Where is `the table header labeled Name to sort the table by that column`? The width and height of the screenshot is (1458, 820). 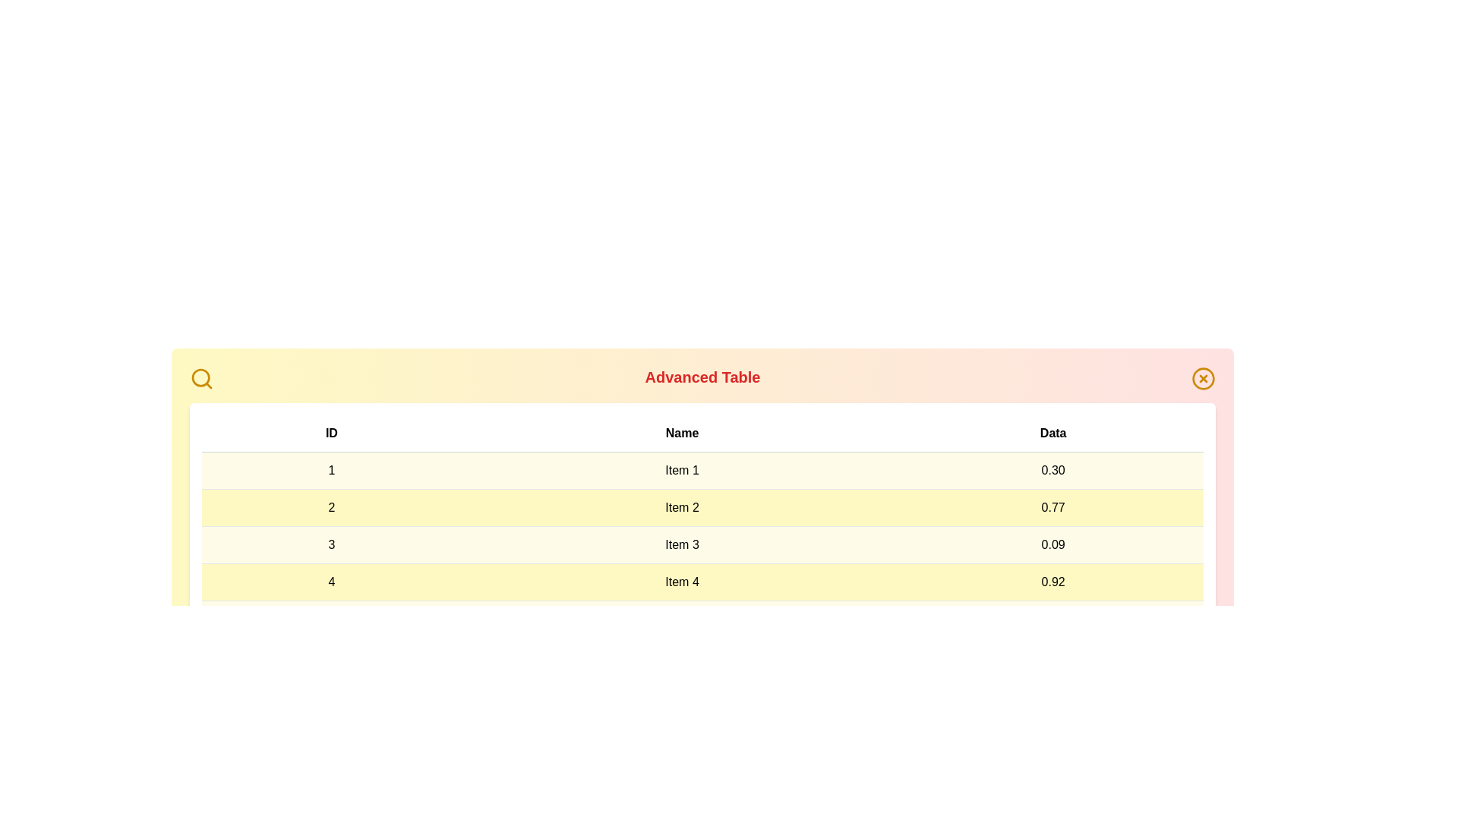 the table header labeled Name to sort the table by that column is located at coordinates (681, 434).